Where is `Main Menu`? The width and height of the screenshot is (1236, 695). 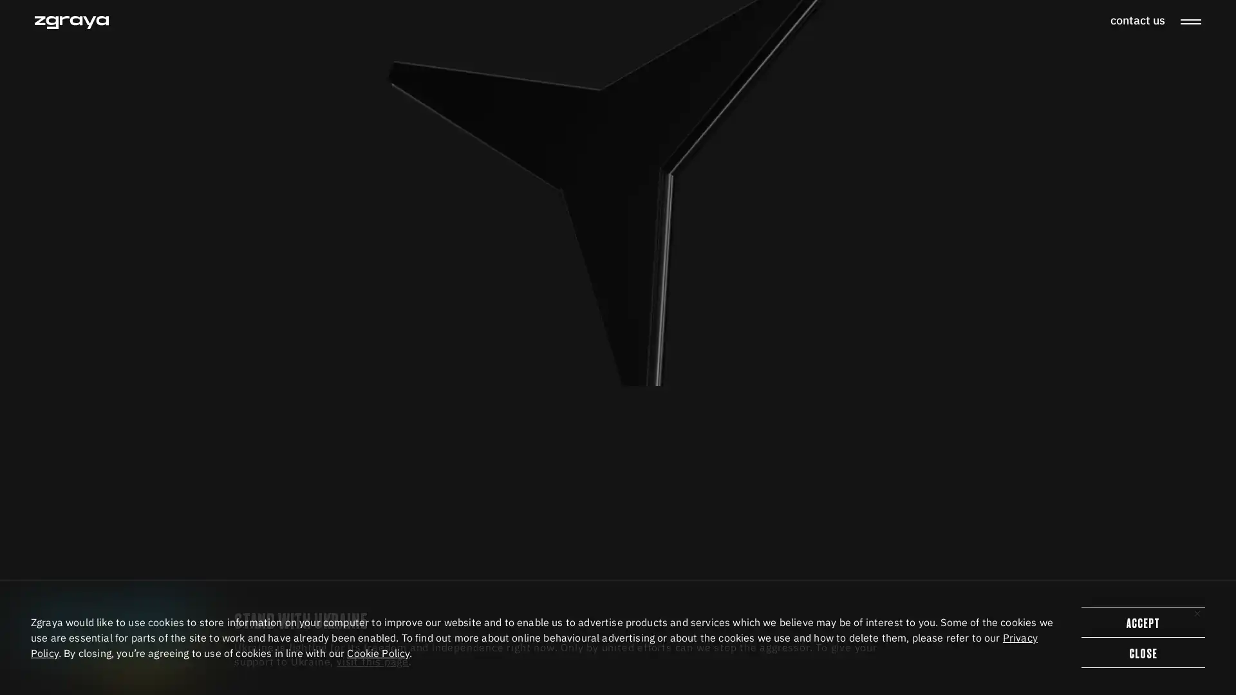 Main Menu is located at coordinates (1190, 22).